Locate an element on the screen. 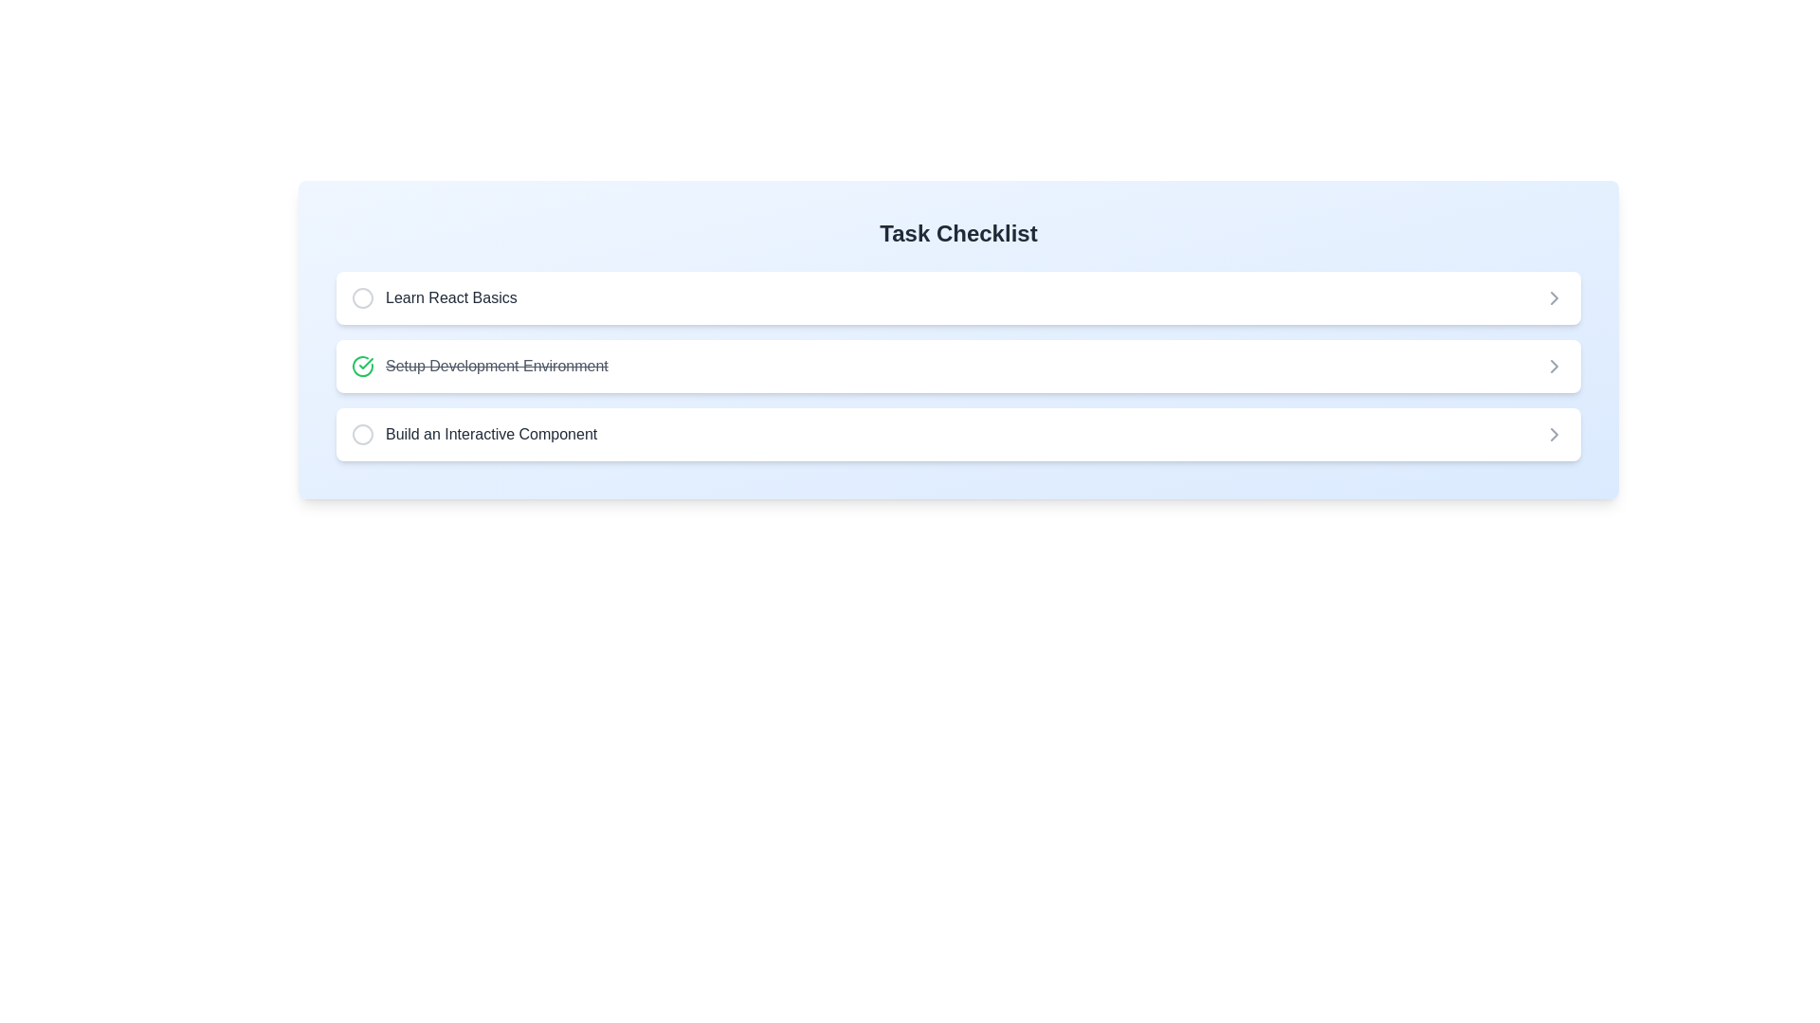 The height and width of the screenshot is (1023, 1820). the completed task Text Label with Icon indicating 'Setup Development Environment' in the vertical checklist is located at coordinates (480, 366).